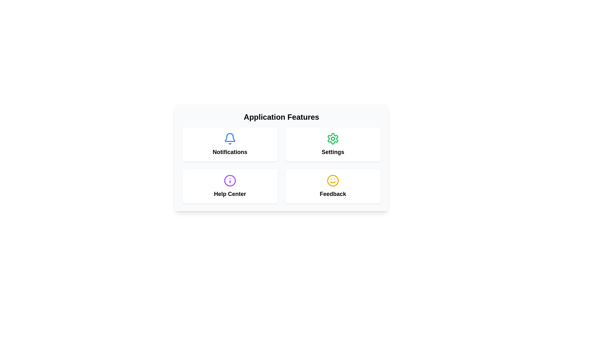 The image size is (610, 343). Describe the element at coordinates (332, 138) in the screenshot. I see `the central circle of the settings icon, which is positioned within the cogwheel design` at that location.